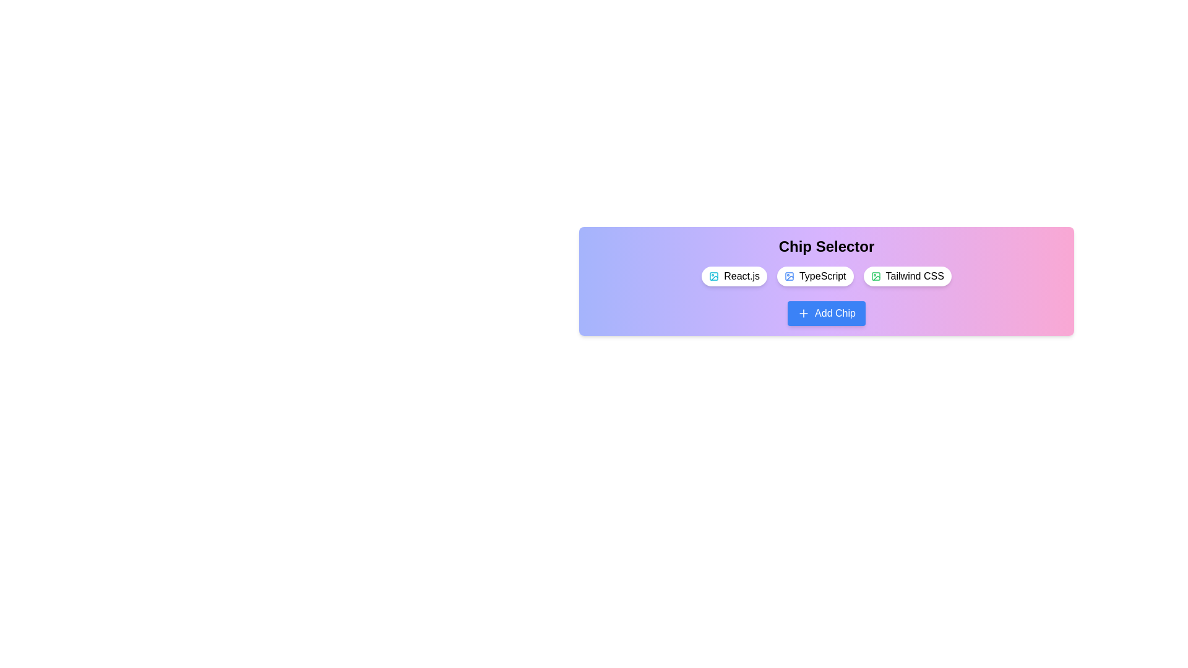 This screenshot has width=1188, height=668. What do you see at coordinates (734, 276) in the screenshot?
I see `the 'React.js' chip button` at bounding box center [734, 276].